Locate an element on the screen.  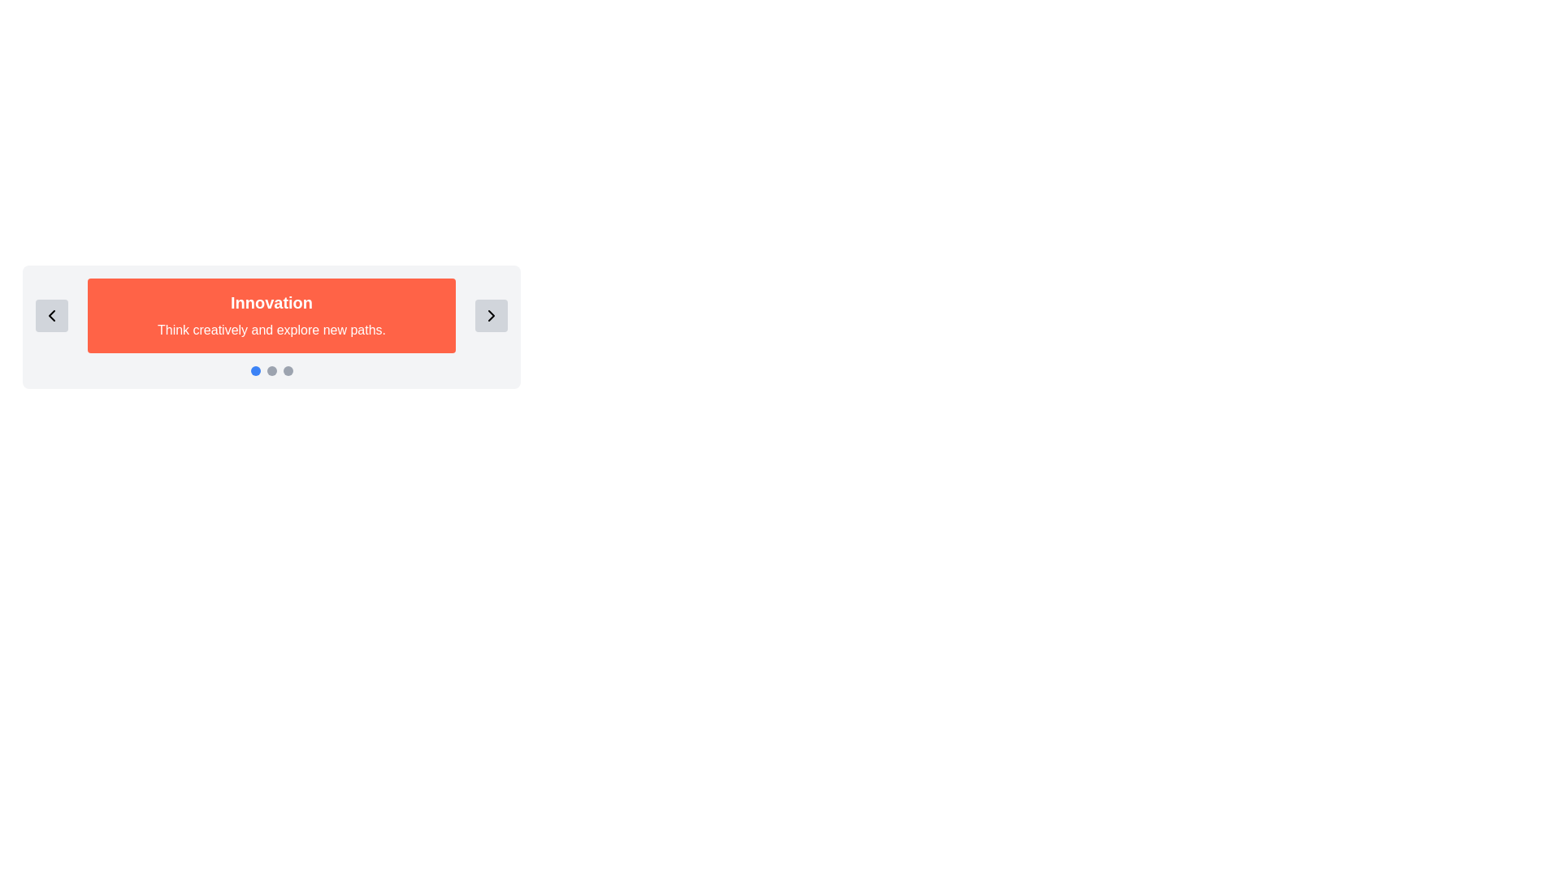
the static text element that provides supporting context for the concept 'Innovation', located below the bold text within the orange rectangular background is located at coordinates (271, 330).